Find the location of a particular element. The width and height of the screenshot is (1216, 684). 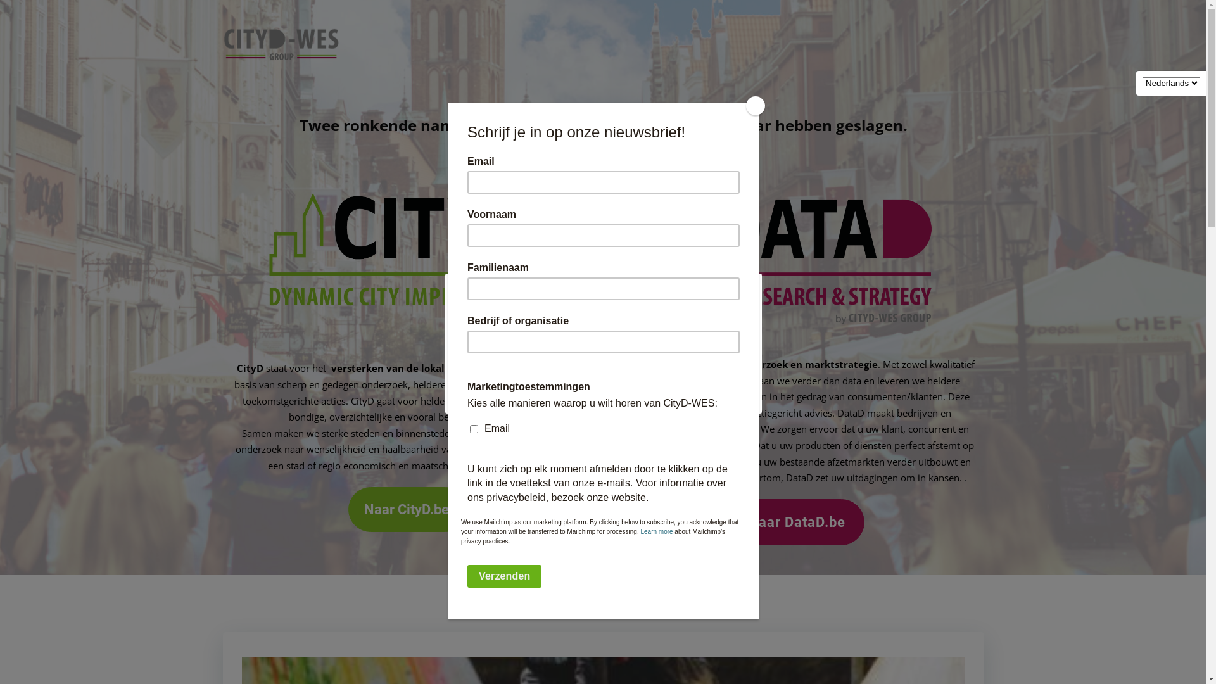

'Naar CityD.be' is located at coordinates (408, 509).